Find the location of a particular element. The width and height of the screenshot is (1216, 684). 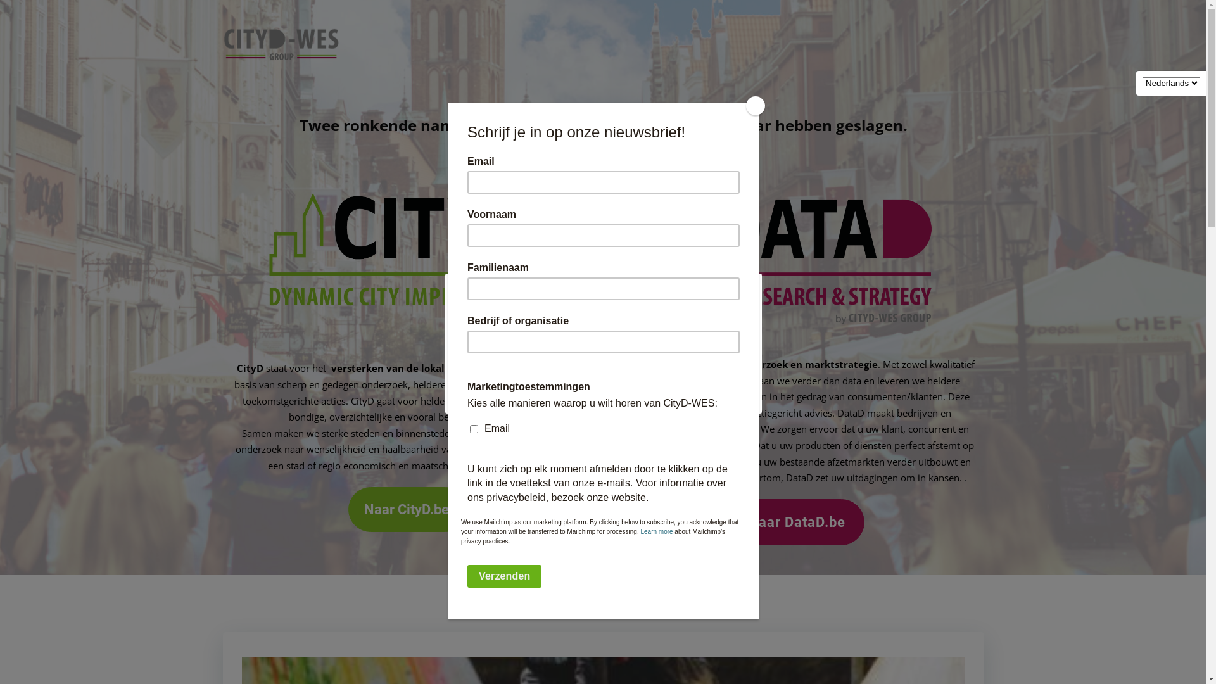

'Naar CityD.be' is located at coordinates (408, 509).